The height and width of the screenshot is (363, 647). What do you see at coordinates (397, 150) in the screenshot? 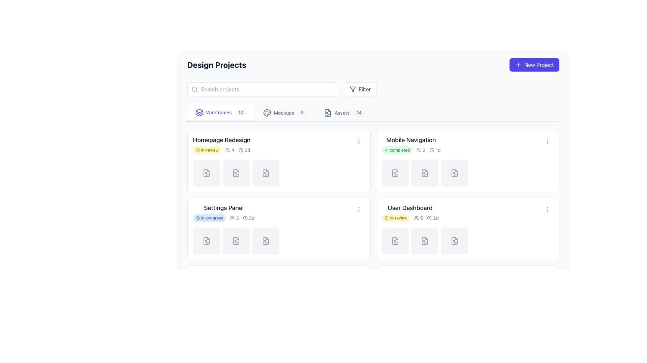
I see `the badge indicating 'completed' status in the top-right corner of the 'Mobile Navigation' design project to access adjacent elements` at bounding box center [397, 150].